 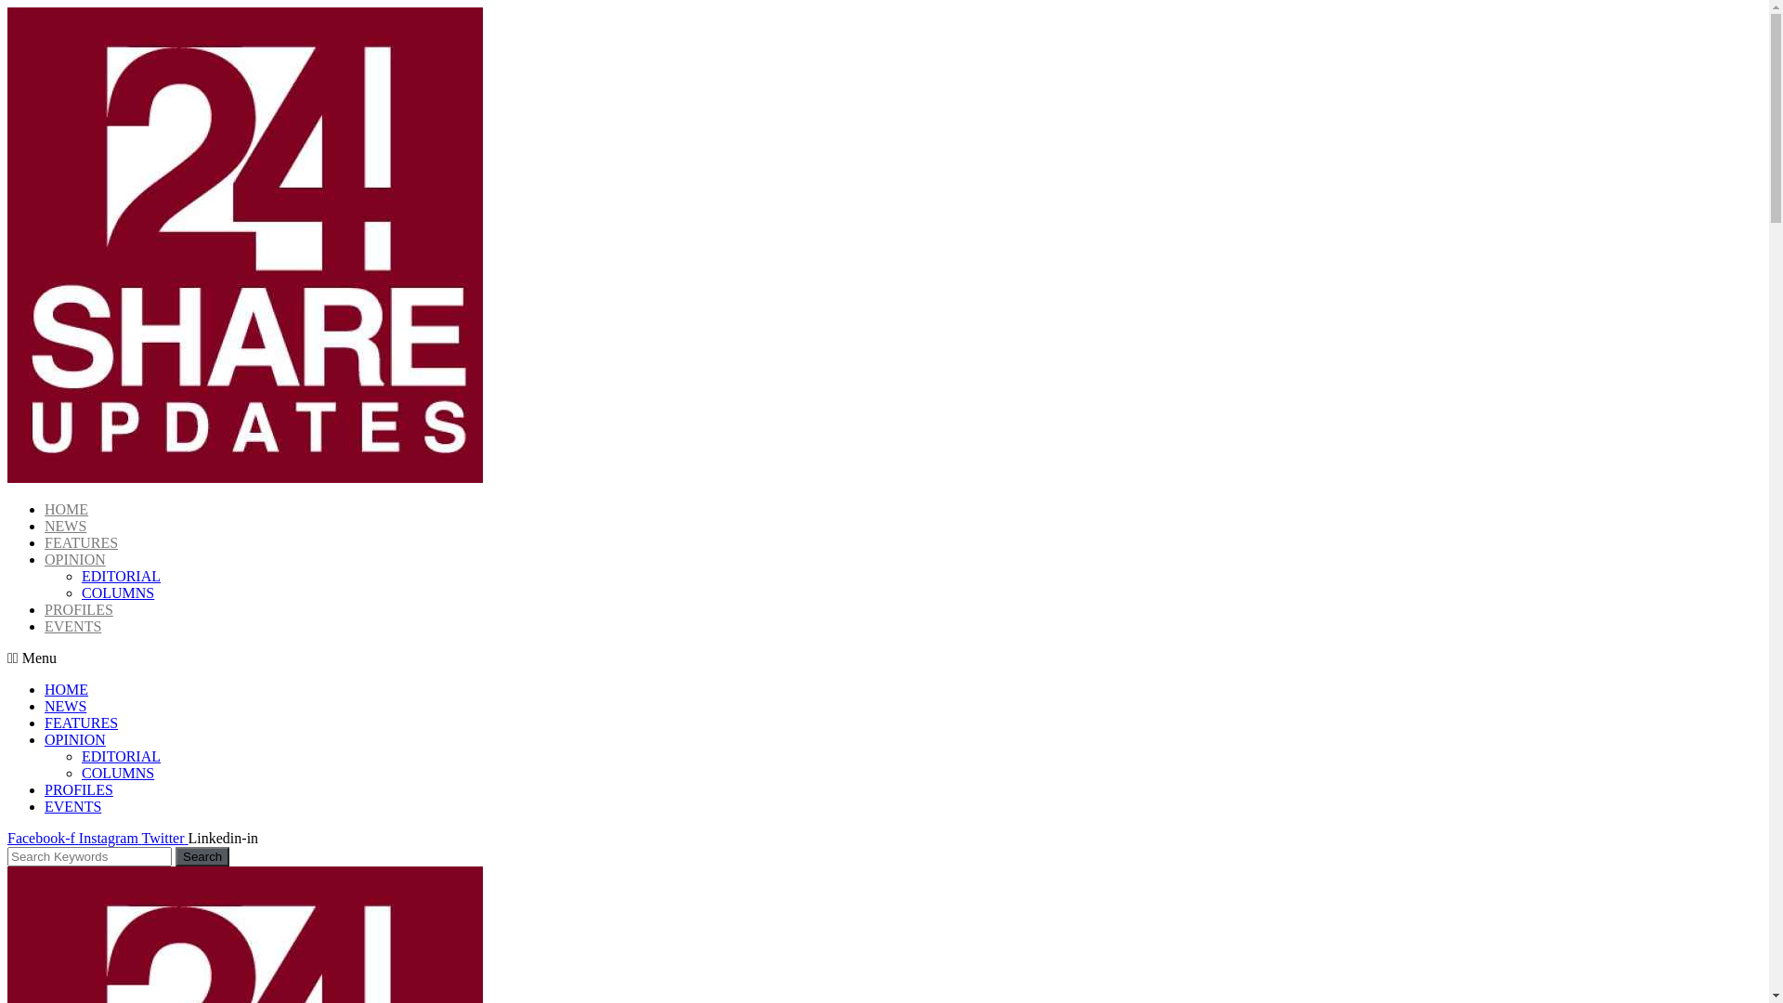 What do you see at coordinates (78, 609) in the screenshot?
I see `'PROFILES'` at bounding box center [78, 609].